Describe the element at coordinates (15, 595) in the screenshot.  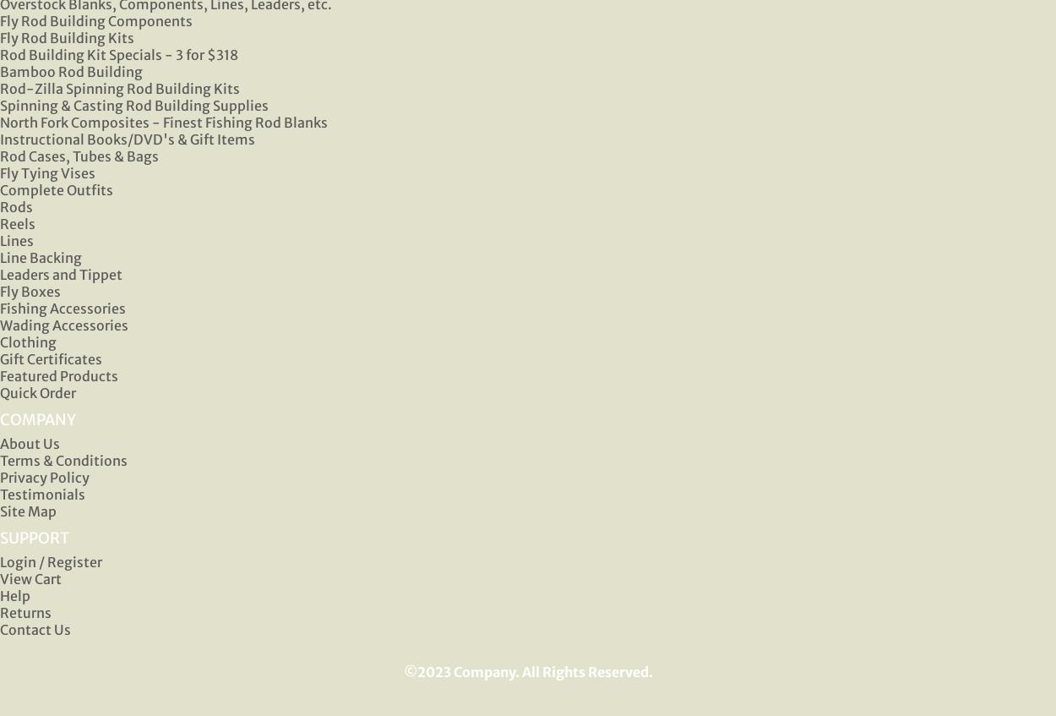
I see `'Help'` at that location.